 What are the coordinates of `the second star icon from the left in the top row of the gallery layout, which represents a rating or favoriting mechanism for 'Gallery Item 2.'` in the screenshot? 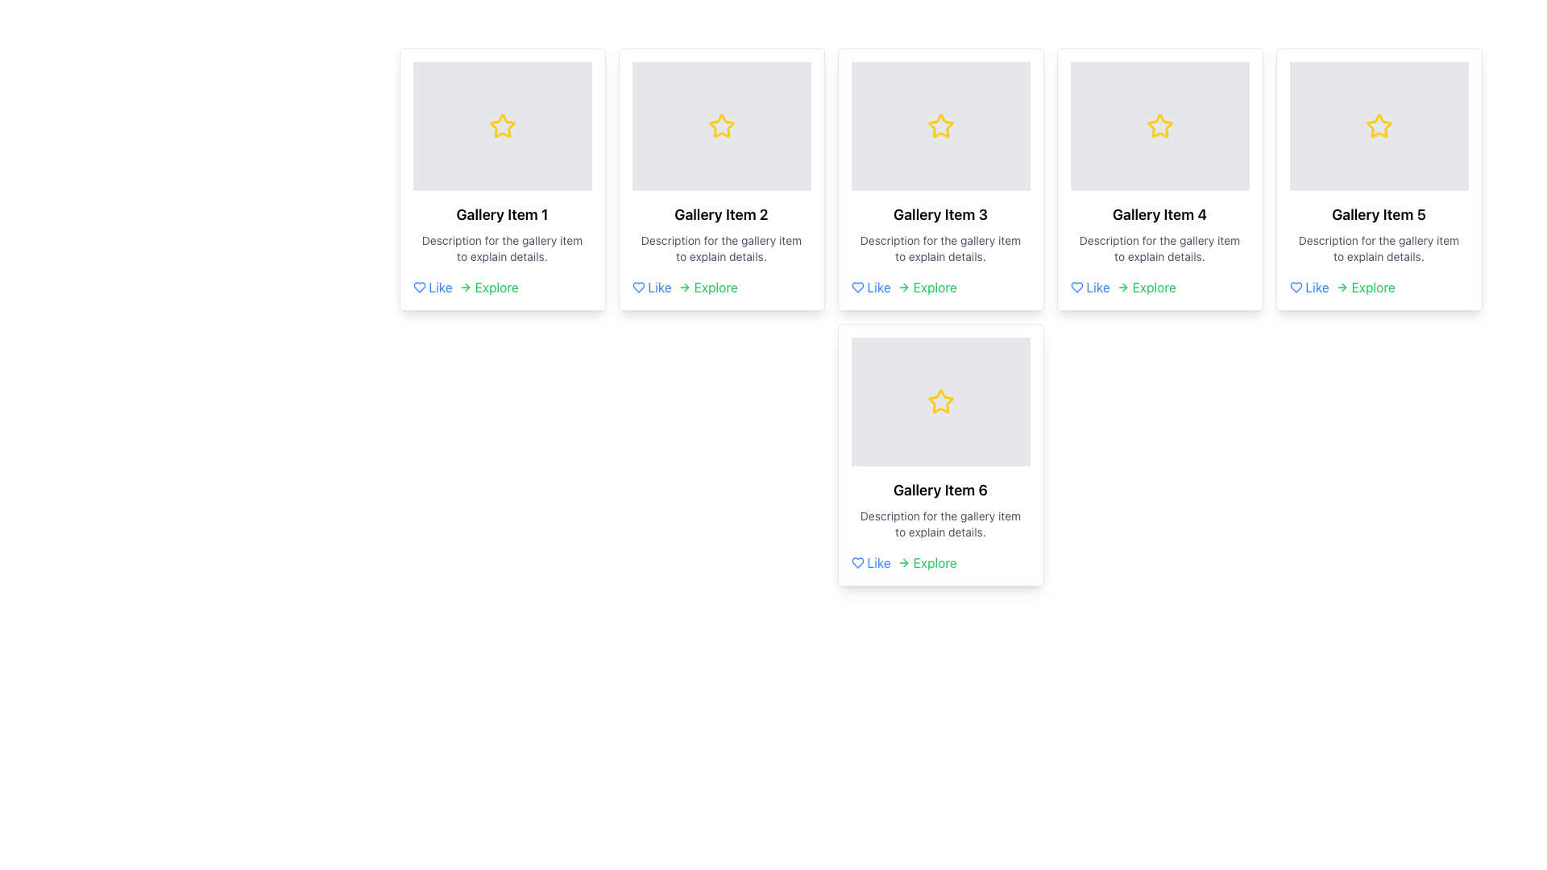 It's located at (720, 125).